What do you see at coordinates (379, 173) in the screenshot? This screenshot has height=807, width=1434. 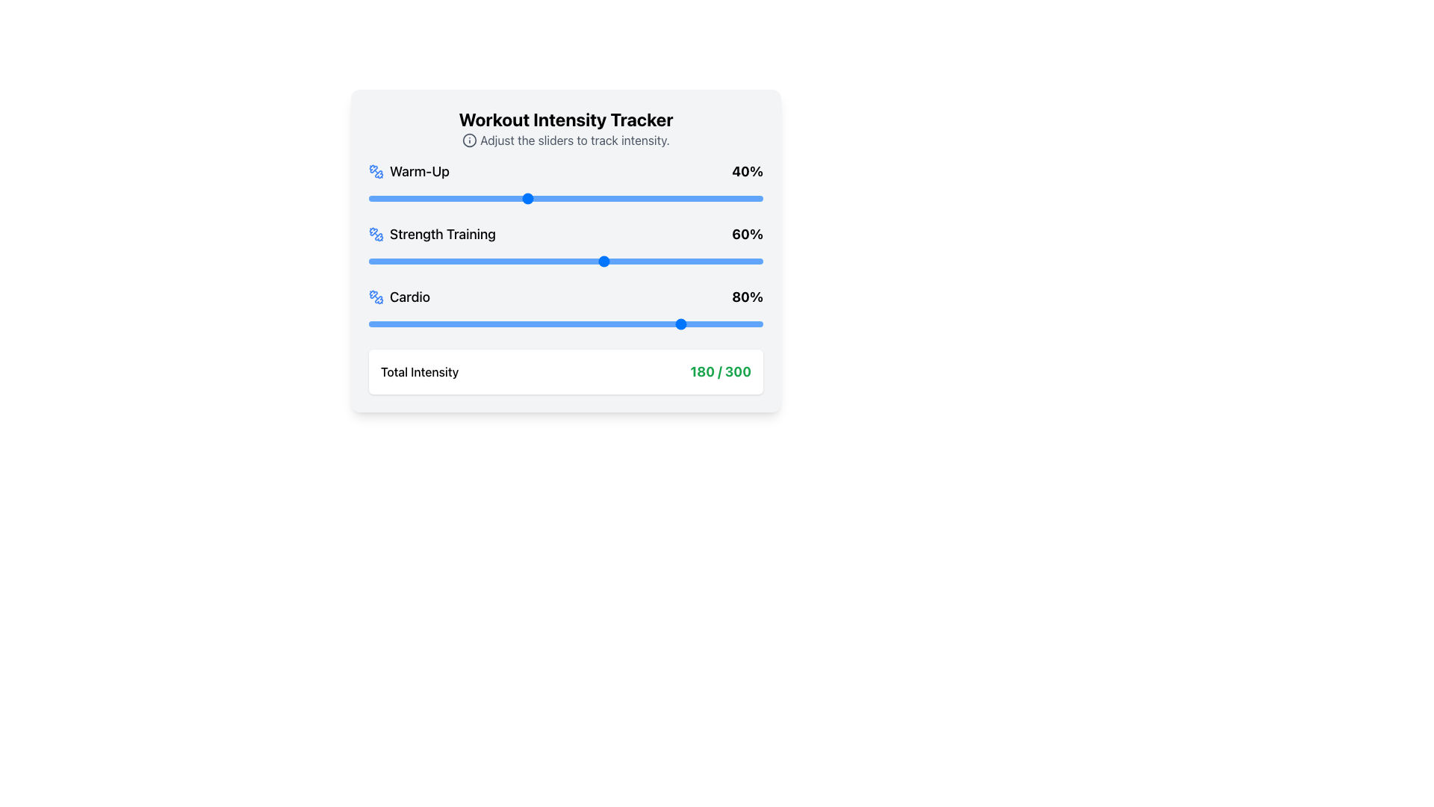 I see `the 'Warm-Up' icon in the Workout Intensity Tracker section, which is the first icon in the vertical list of workout section icons` at bounding box center [379, 173].